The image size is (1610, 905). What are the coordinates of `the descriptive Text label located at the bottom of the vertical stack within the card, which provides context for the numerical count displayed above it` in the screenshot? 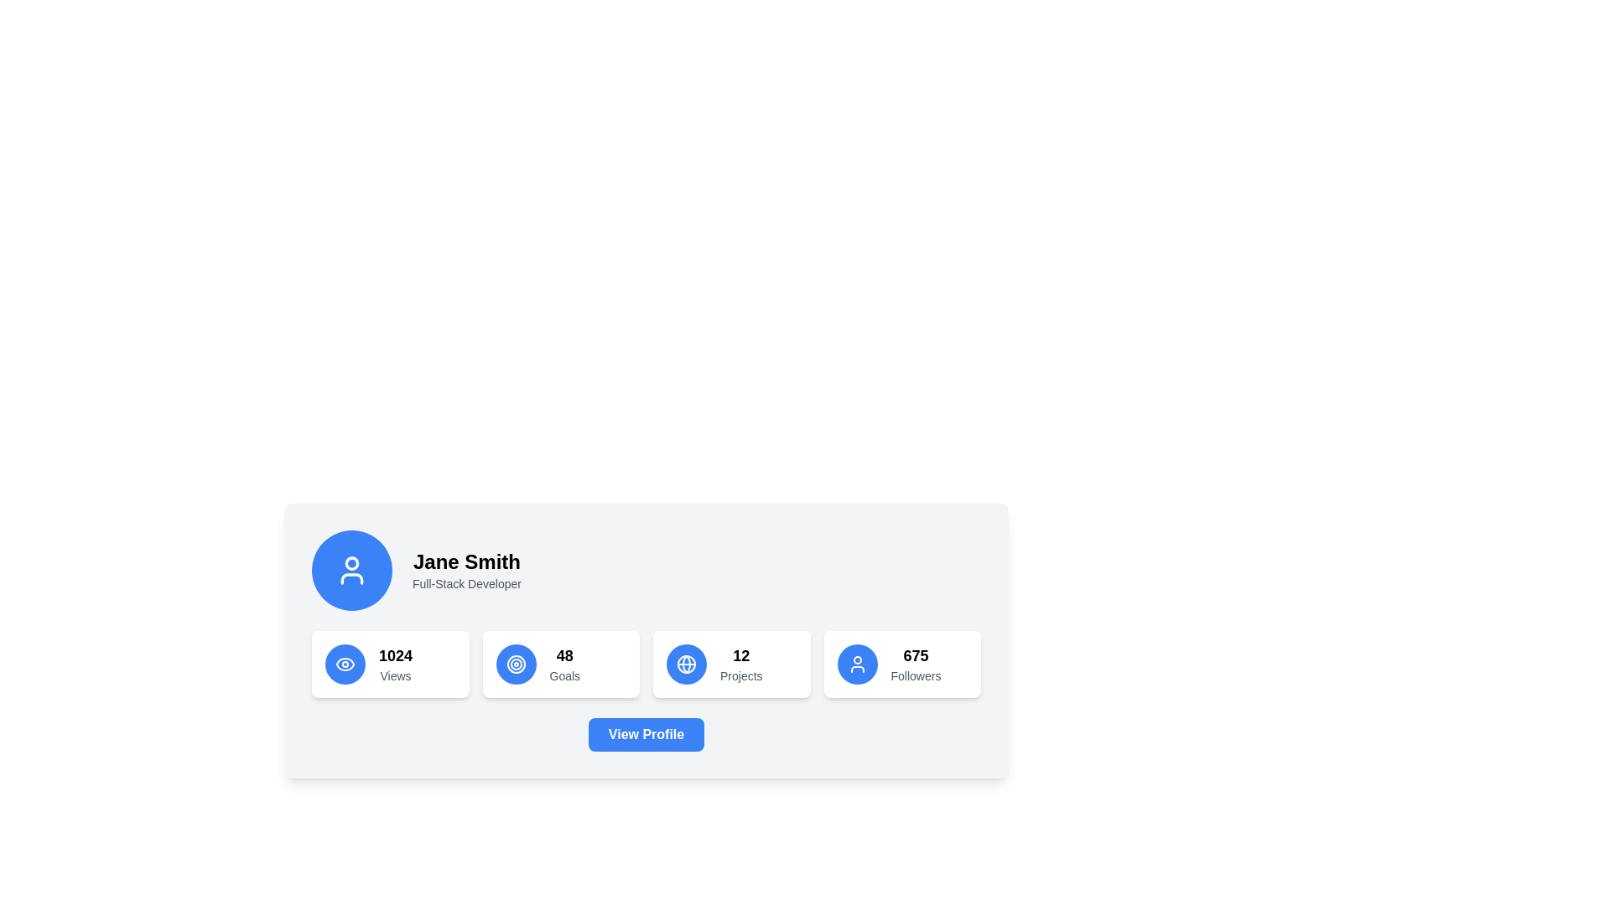 It's located at (394, 675).